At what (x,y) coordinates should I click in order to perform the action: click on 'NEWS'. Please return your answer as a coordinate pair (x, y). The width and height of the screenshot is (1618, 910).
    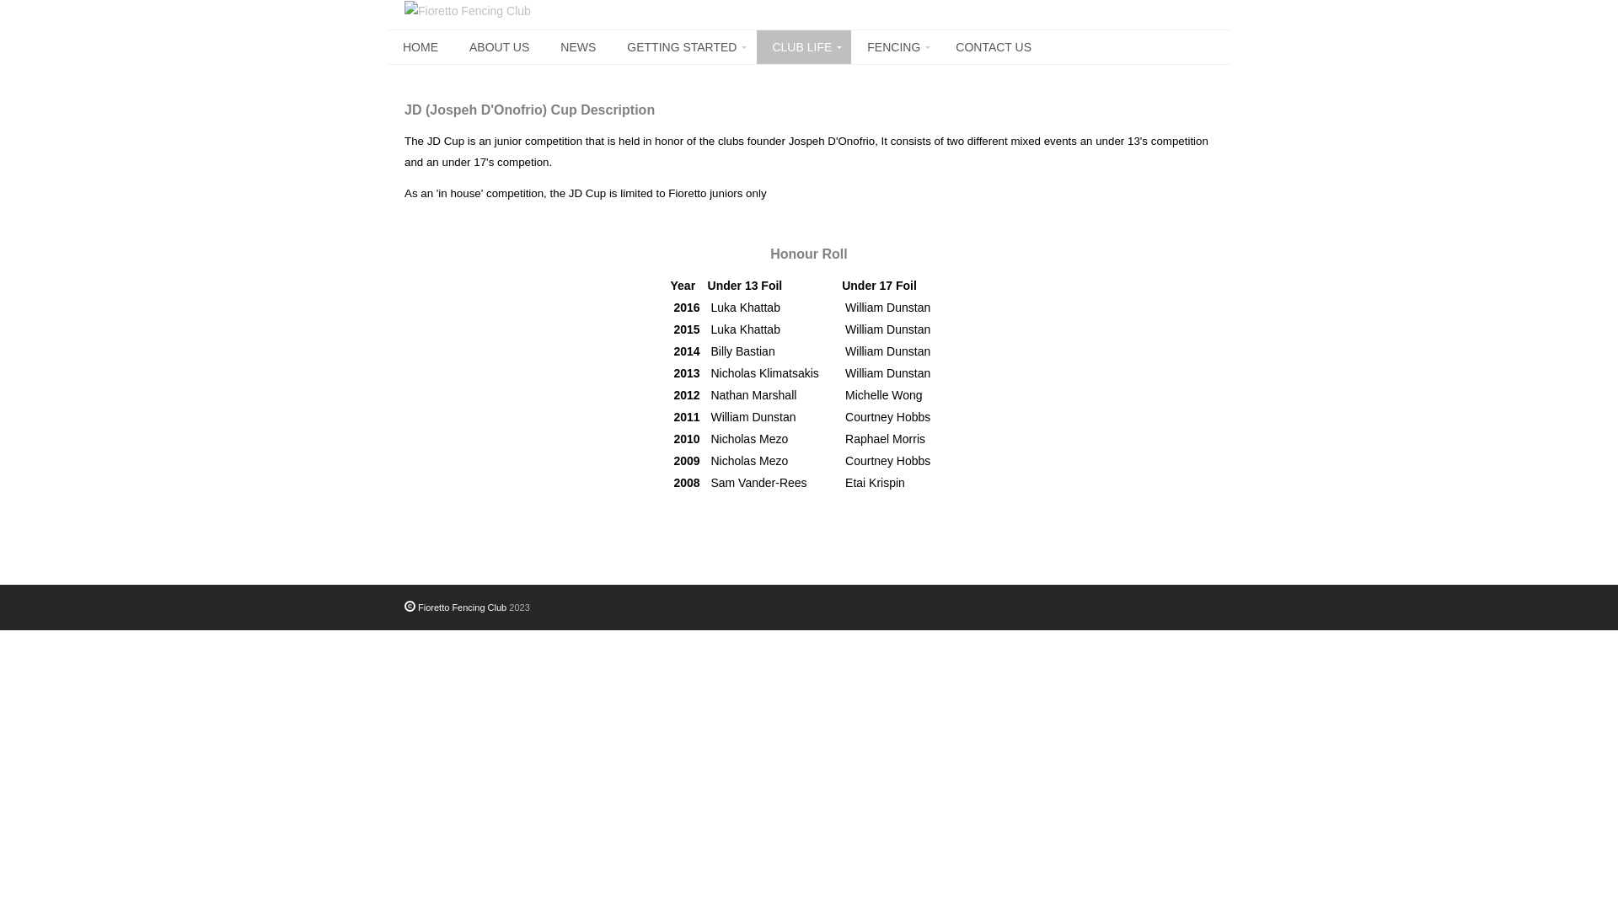
    Looking at the image, I should click on (578, 46).